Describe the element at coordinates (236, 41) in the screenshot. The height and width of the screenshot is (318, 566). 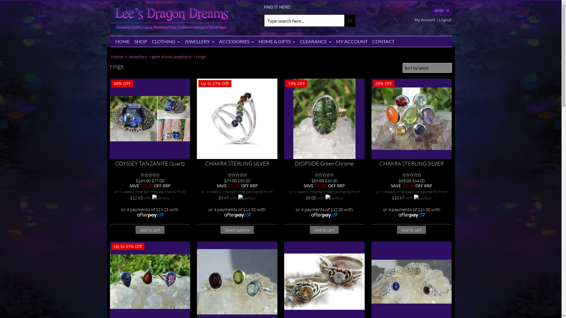
I see `'ACCESSORIES'` at that location.